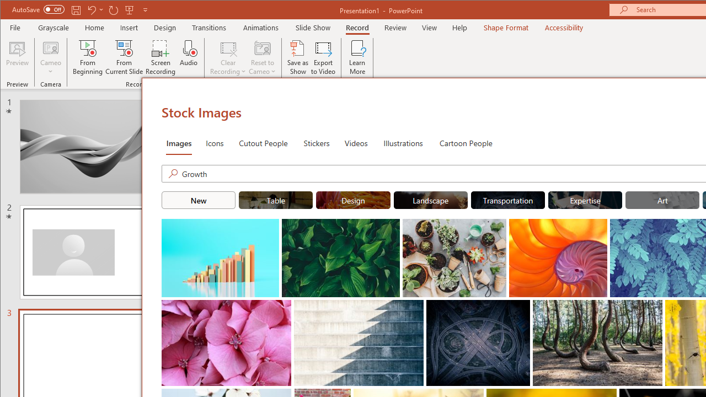  Describe the element at coordinates (466, 142) in the screenshot. I see `'Cartoon People'` at that location.